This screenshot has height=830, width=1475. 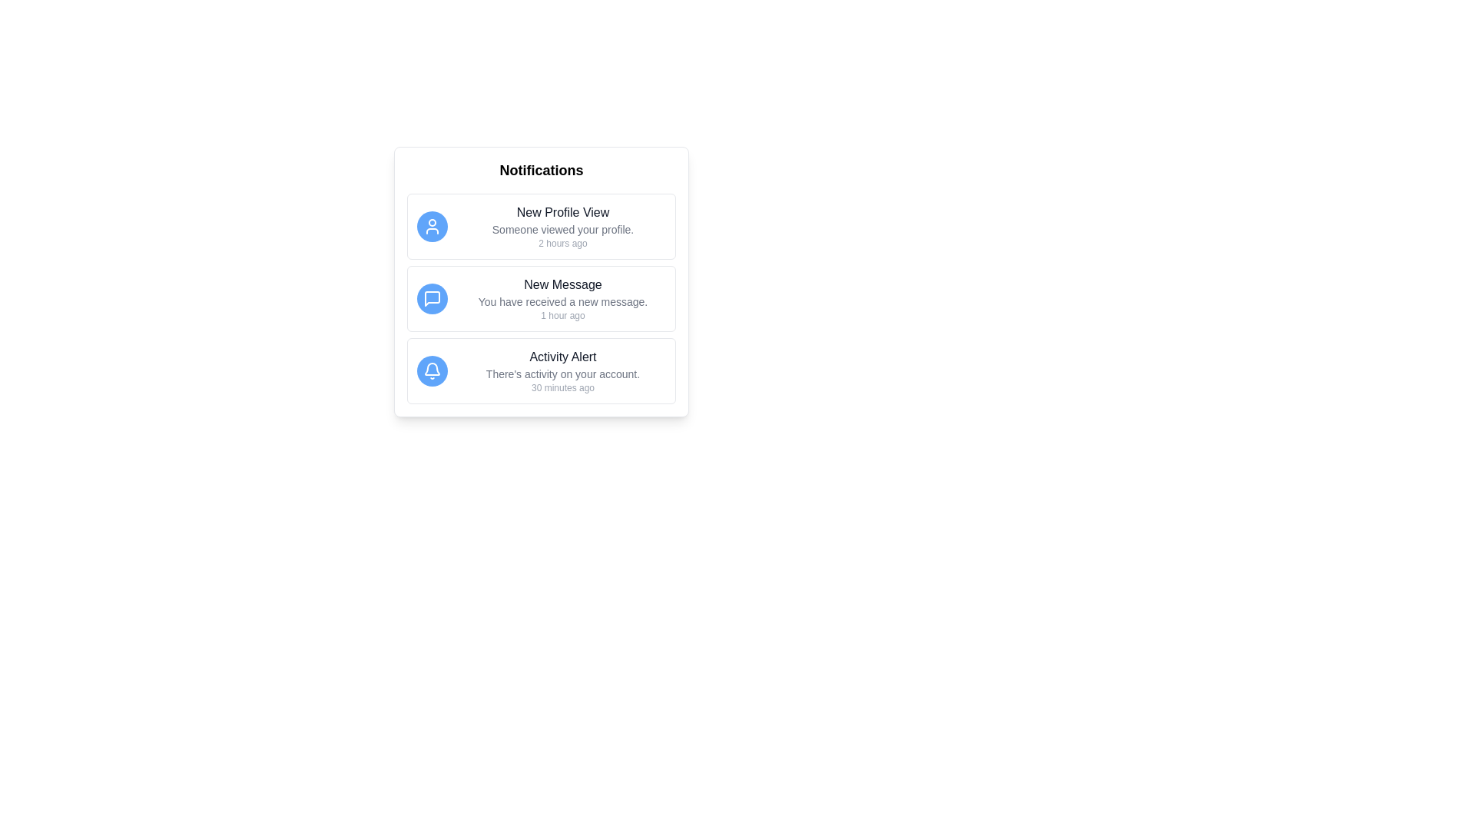 I want to click on the circular blue icon with a white user silhouette, located at the left edge of the first notification card associated with the 'New Profile View' notification, so click(x=431, y=226).